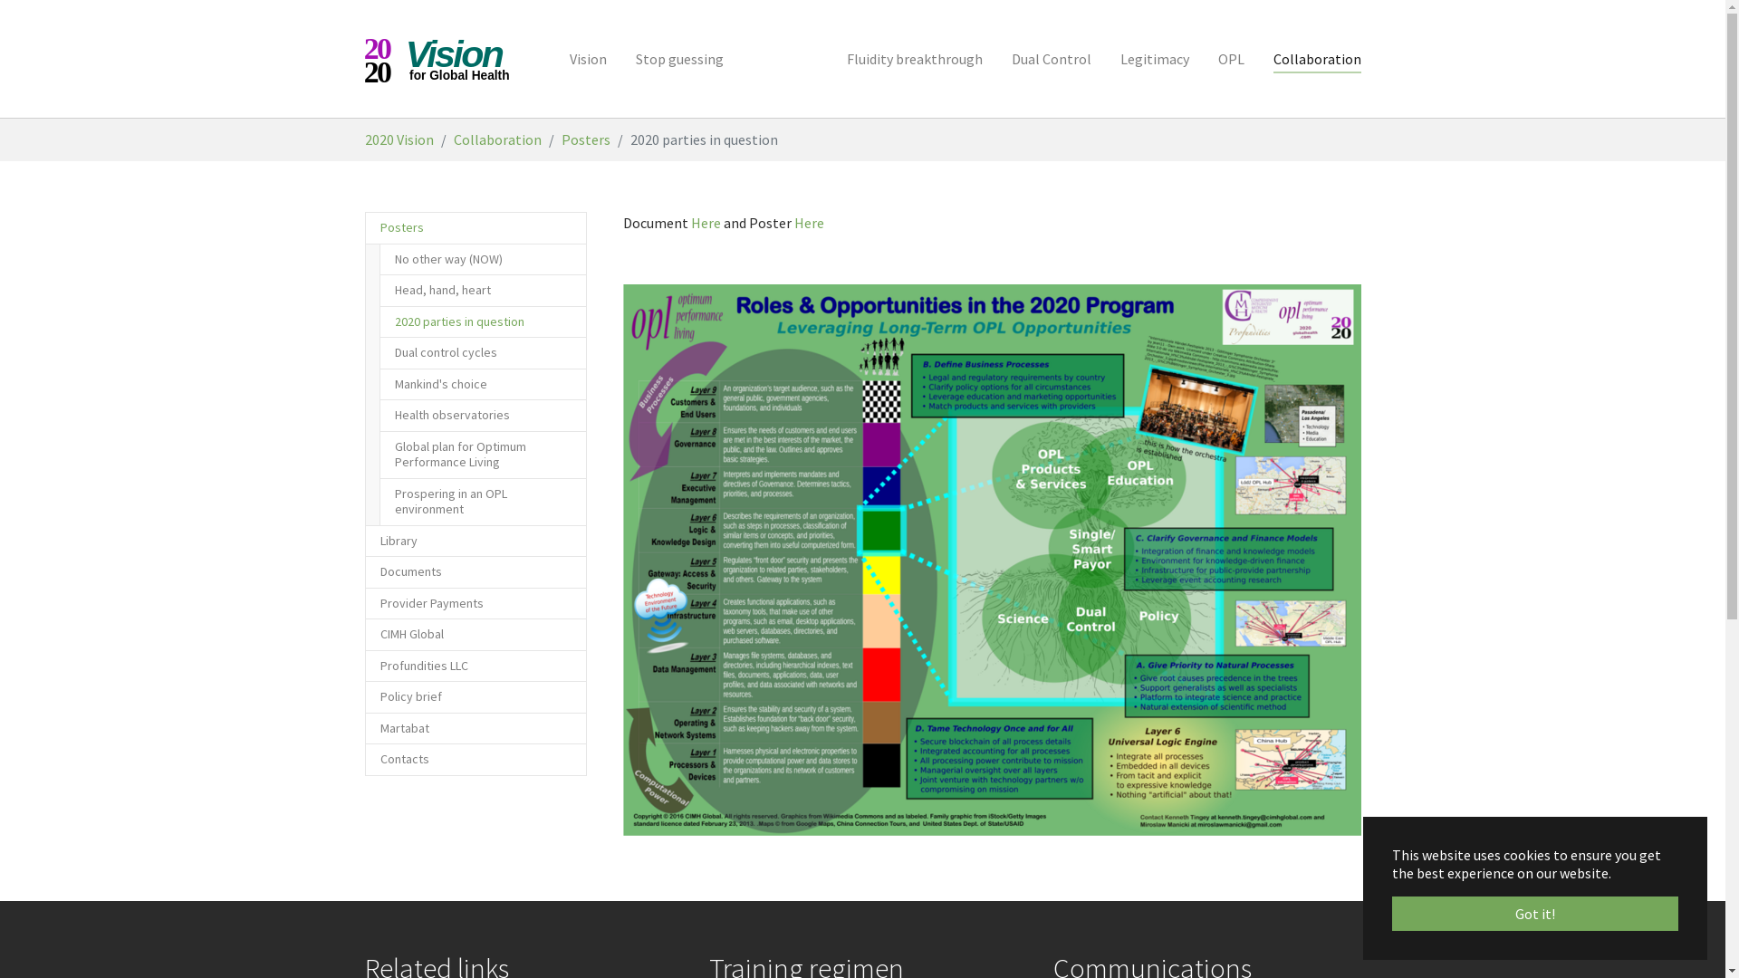 The width and height of the screenshot is (1739, 978). What do you see at coordinates (482, 454) in the screenshot?
I see `'Global plan for Optimum Performance Living'` at bounding box center [482, 454].